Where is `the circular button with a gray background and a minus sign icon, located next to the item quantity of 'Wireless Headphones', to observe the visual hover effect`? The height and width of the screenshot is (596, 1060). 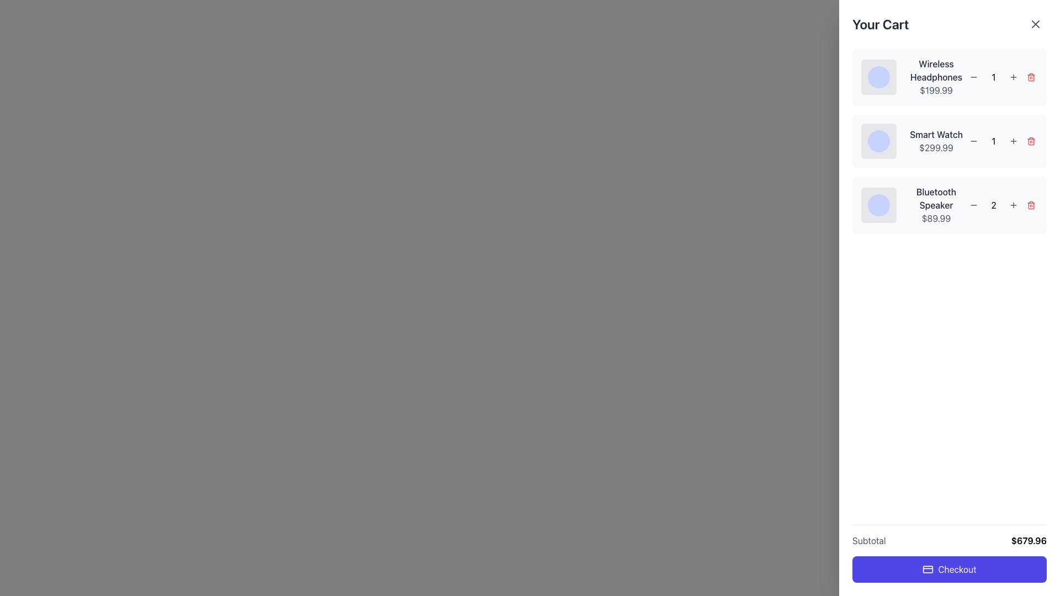
the circular button with a gray background and a minus sign icon, located next to the item quantity of 'Wireless Headphones', to observe the visual hover effect is located at coordinates (973, 76).